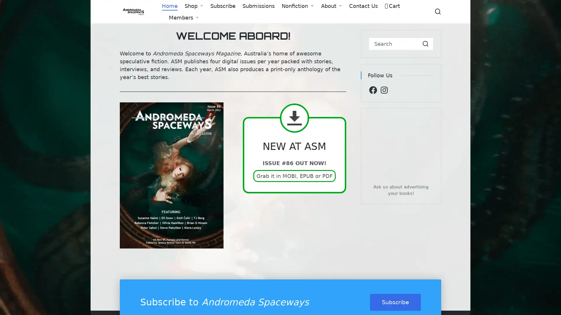 This screenshot has width=561, height=315. Describe the element at coordinates (395, 302) in the screenshot. I see `Subscribe` at that location.